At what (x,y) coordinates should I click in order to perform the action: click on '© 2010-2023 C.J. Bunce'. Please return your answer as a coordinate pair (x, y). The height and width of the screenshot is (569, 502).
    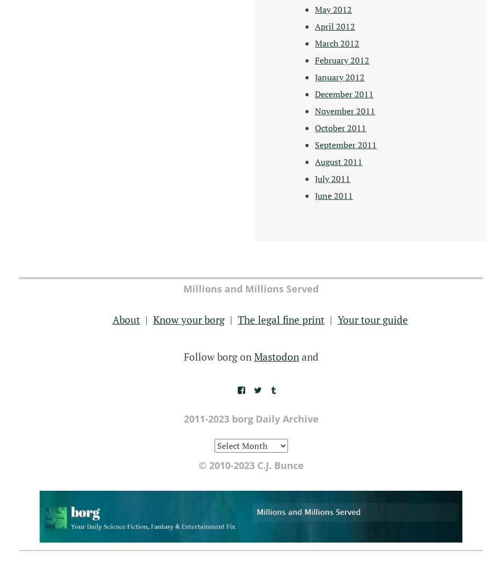
    Looking at the image, I should click on (250, 465).